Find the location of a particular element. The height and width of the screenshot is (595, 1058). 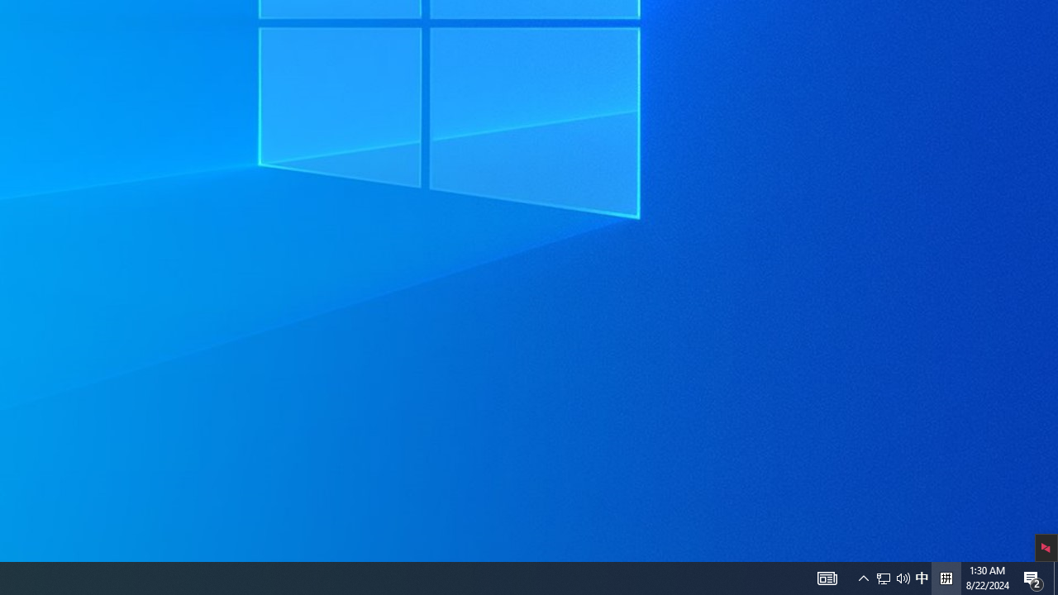

'Q2790: 100%' is located at coordinates (892, 577).